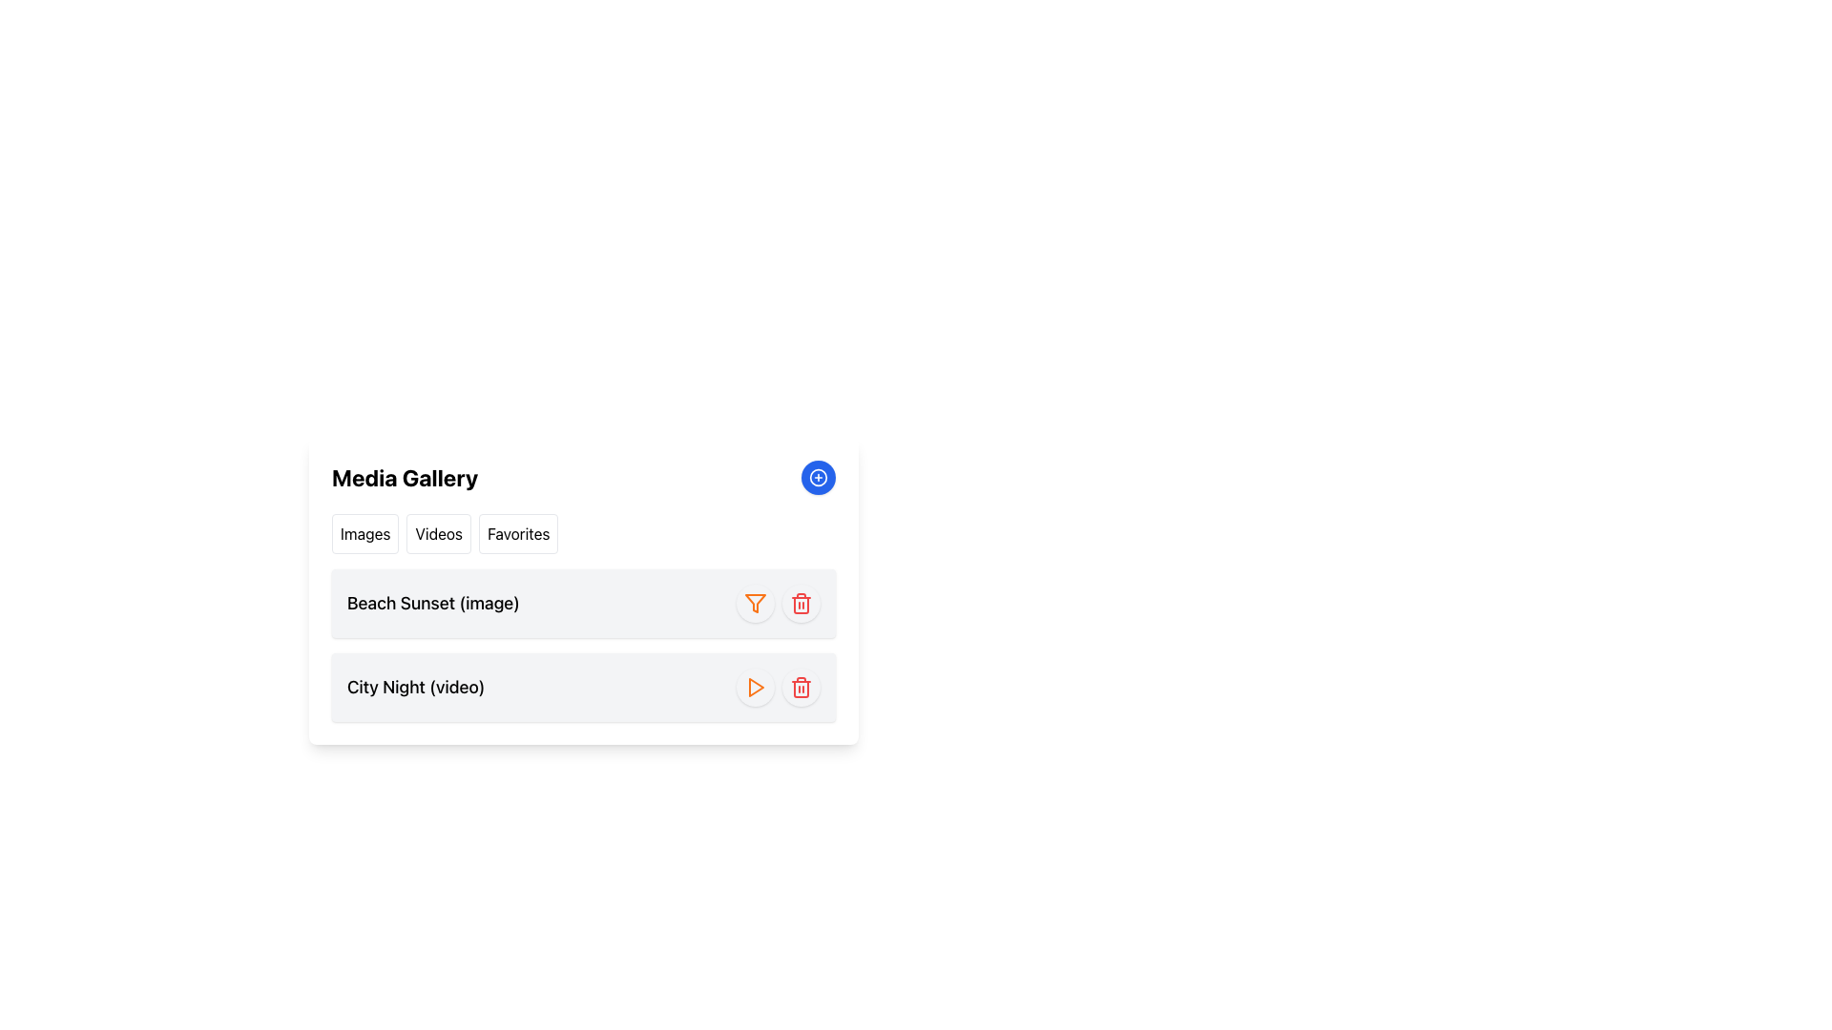  I want to click on the blue circular button at the top-right corner of the interface that contains the '+' icon, so click(819, 477).